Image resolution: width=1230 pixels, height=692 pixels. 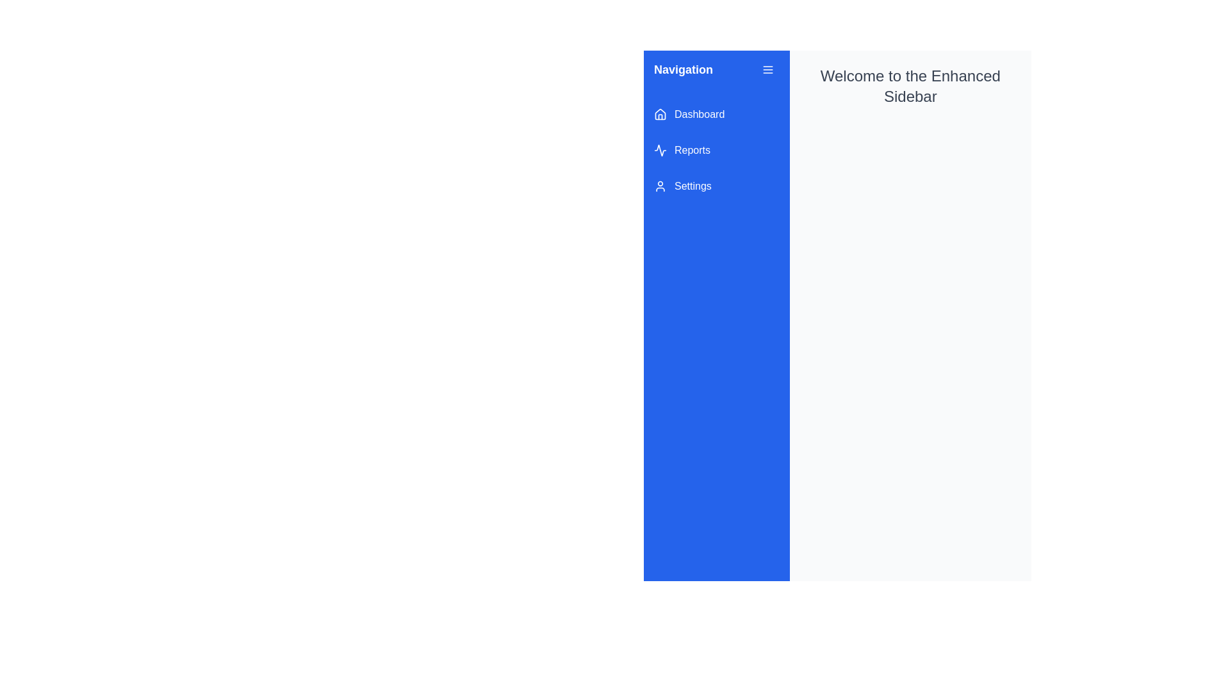 What do you see at coordinates (767, 69) in the screenshot?
I see `the icon located in the top-right area of the blue navigation panel, adjacent to the 'Navigation' text` at bounding box center [767, 69].